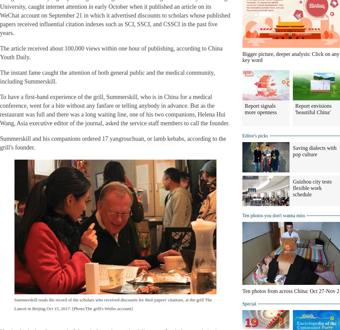  I want to click on 'Ten photos from across China: Oct 27-Nov 2', so click(291, 291).